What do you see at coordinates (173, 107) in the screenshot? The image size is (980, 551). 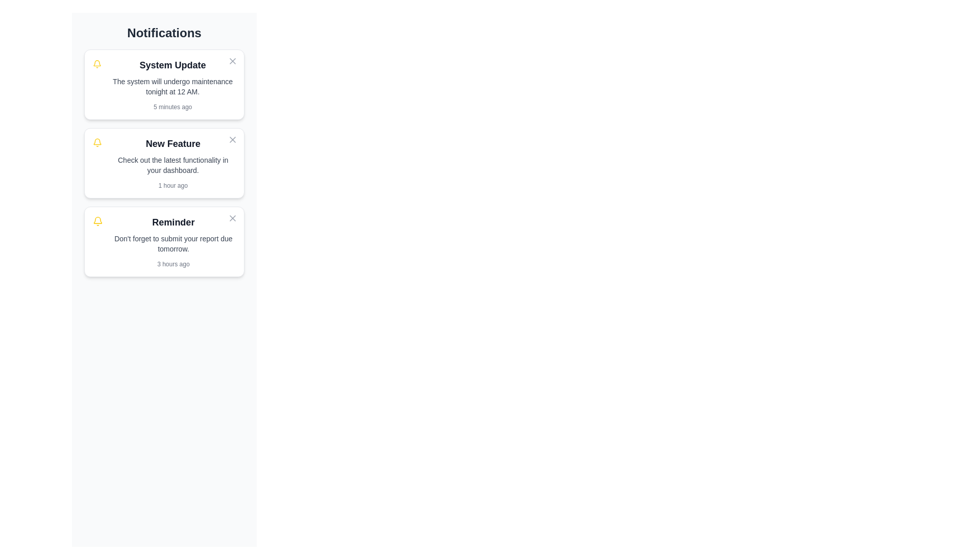 I see `the Text Label indicating the timestamp of the notification, located at the bottom of the 'System Update' notification card` at bounding box center [173, 107].